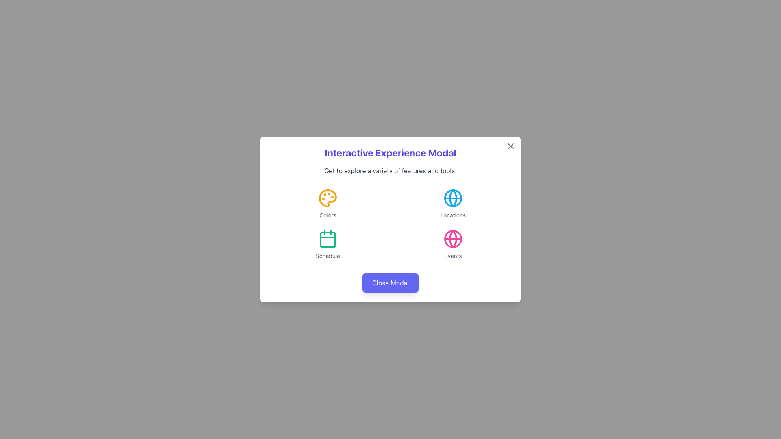 The image size is (781, 439). Describe the element at coordinates (390, 282) in the screenshot. I see `the 'Close Modal' button, which is a rectangular button with a rounded border, purple background, and white text, located near the bottom center of the modal window` at that location.